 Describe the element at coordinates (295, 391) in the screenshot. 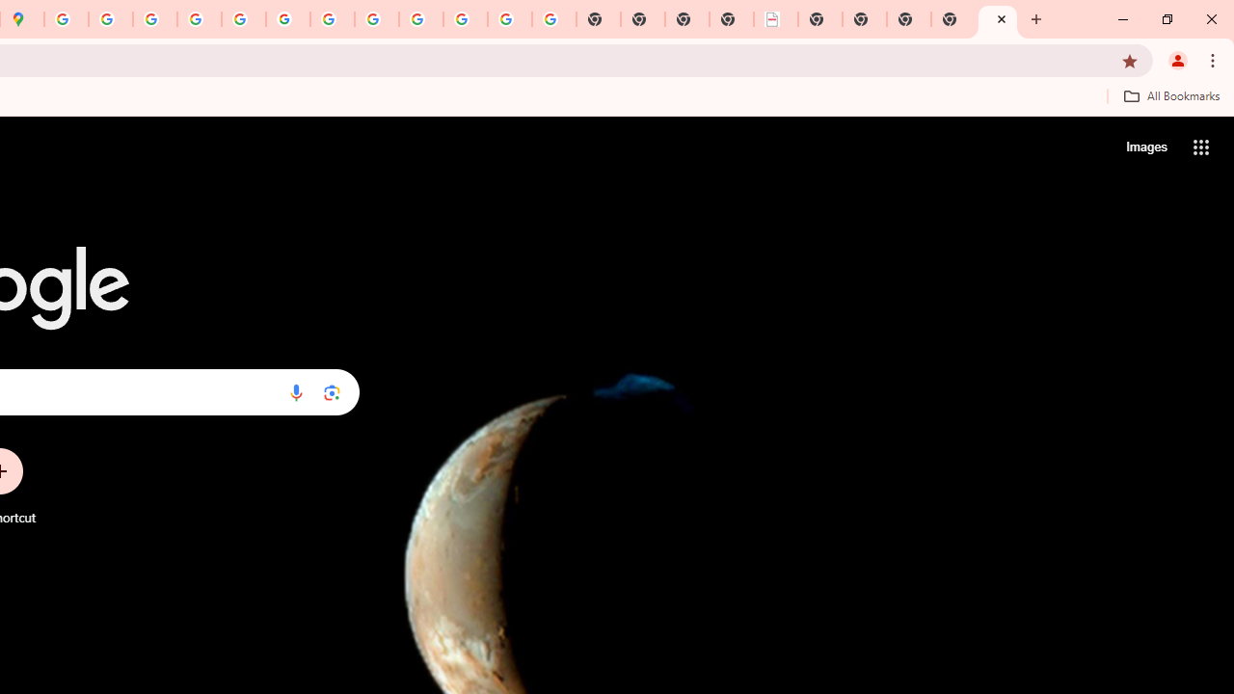

I see `'Search by voice'` at that location.